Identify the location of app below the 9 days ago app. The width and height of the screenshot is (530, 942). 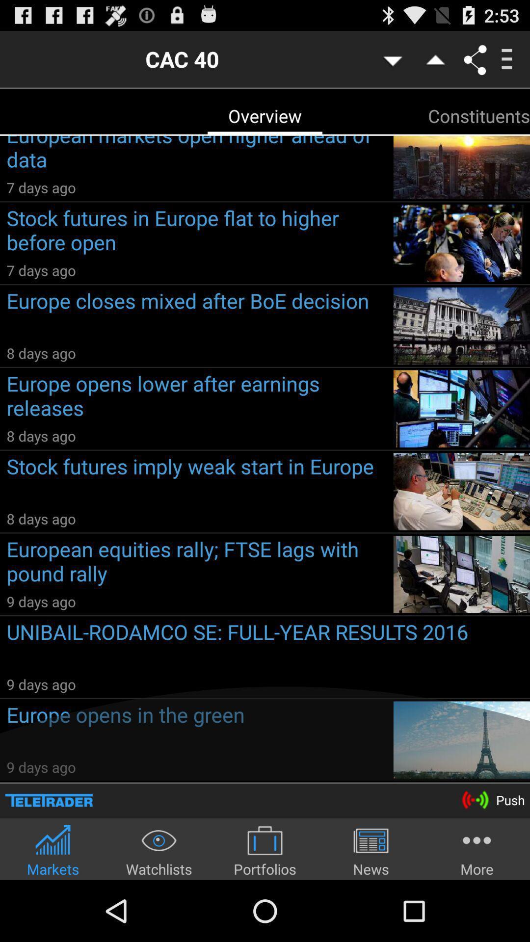
(268, 646).